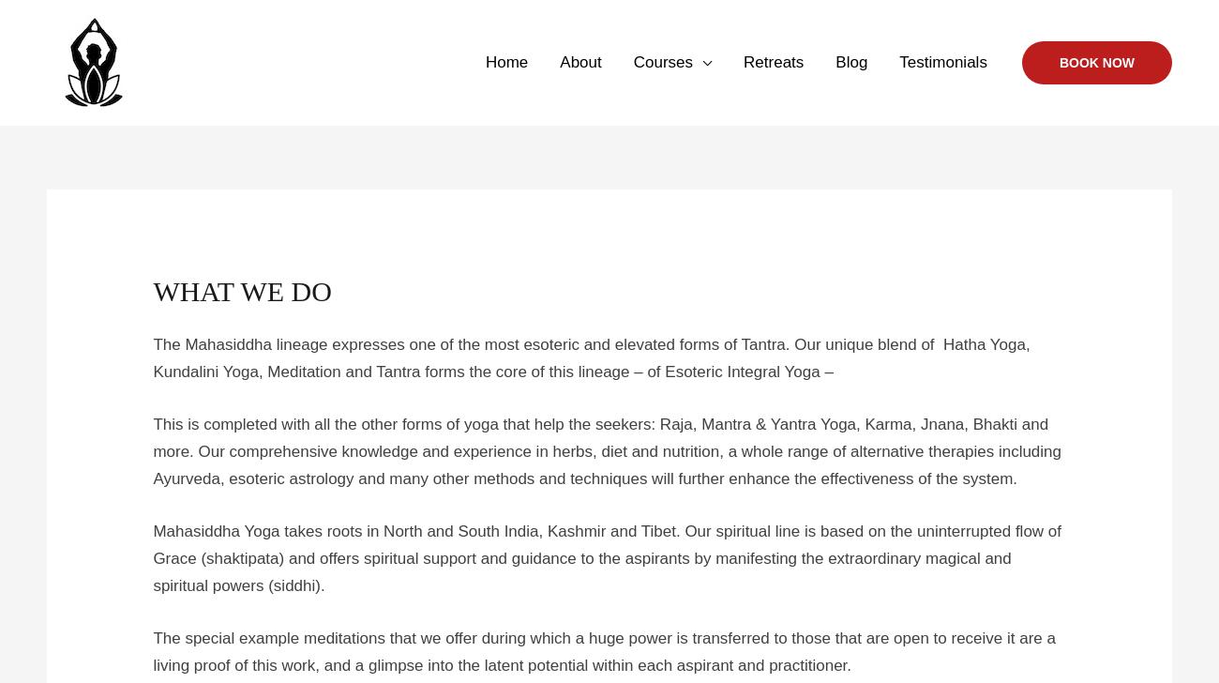 The height and width of the screenshot is (683, 1219). Describe the element at coordinates (850, 62) in the screenshot. I see `'Blog'` at that location.